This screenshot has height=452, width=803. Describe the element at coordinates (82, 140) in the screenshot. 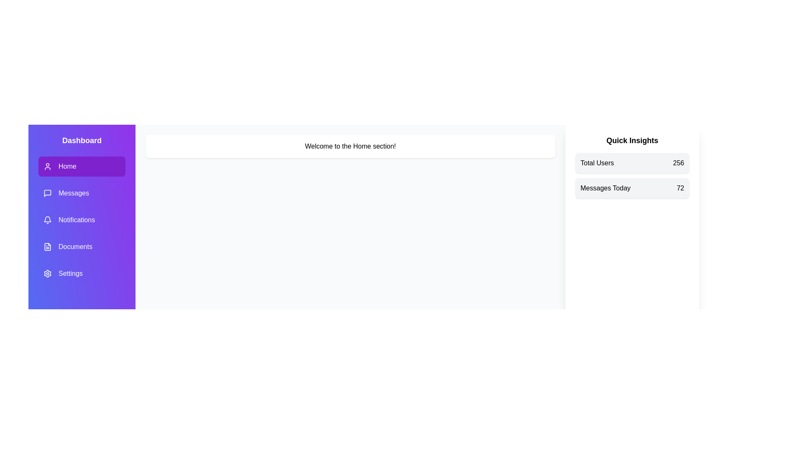

I see `the header label of the navigation menu located in the sidebar on the left side of the interface` at that location.